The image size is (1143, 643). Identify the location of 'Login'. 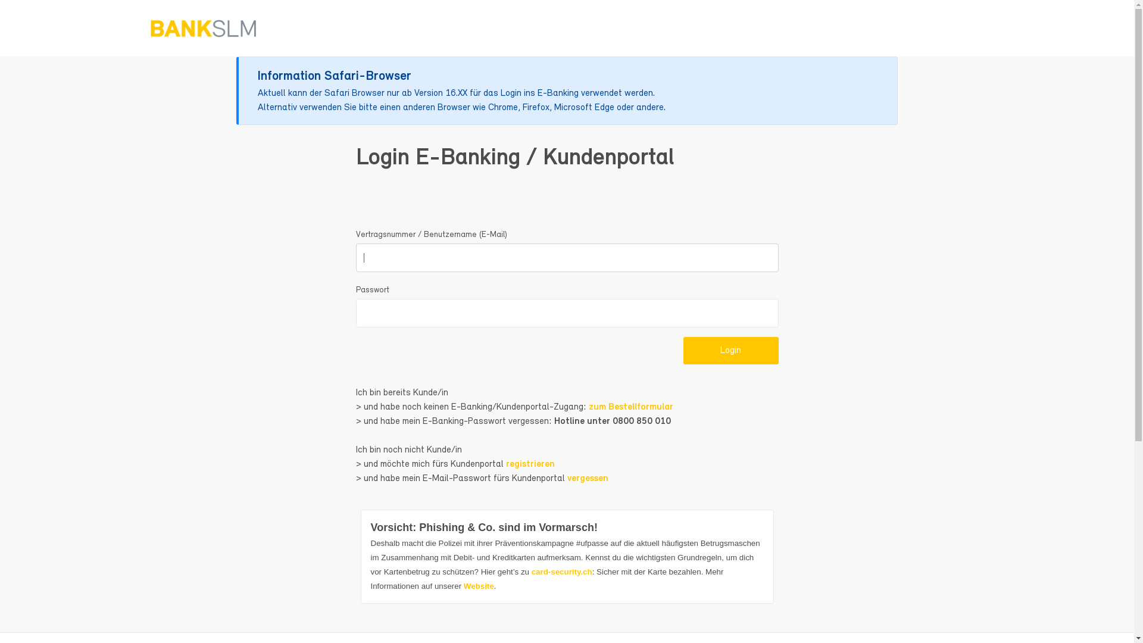
(730, 350).